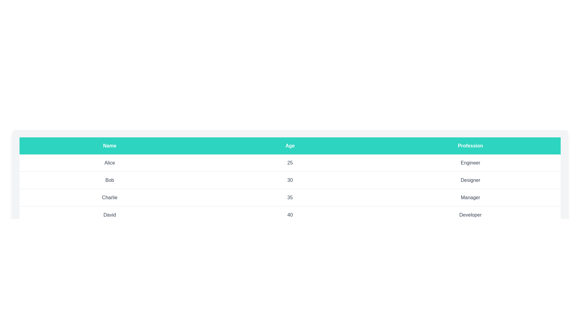 This screenshot has height=329, width=586. Describe the element at coordinates (290, 197) in the screenshot. I see `the text element displaying the number '35', which is styled in gray and located in the third row under the 'Age' column of a structured table, positioned between 'Charlie' and 'Manager'` at that location.